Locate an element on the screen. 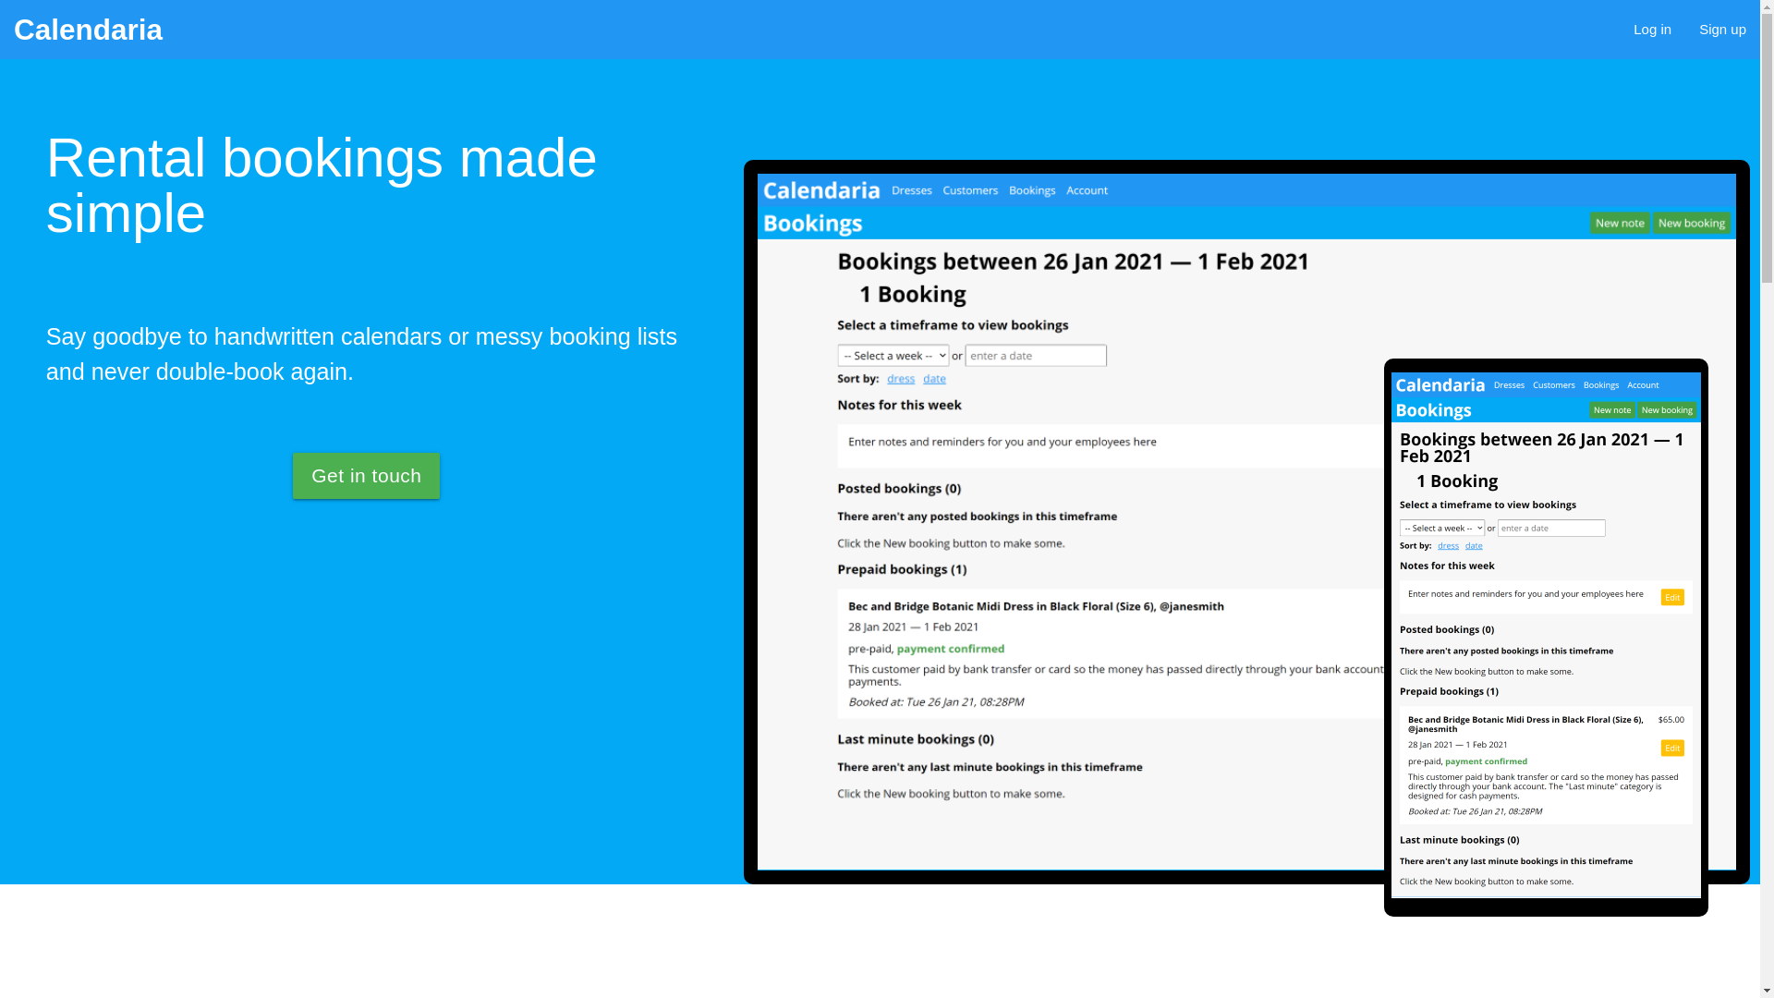 Image resolution: width=1774 pixels, height=998 pixels. 'Get in touch' is located at coordinates (366, 475).